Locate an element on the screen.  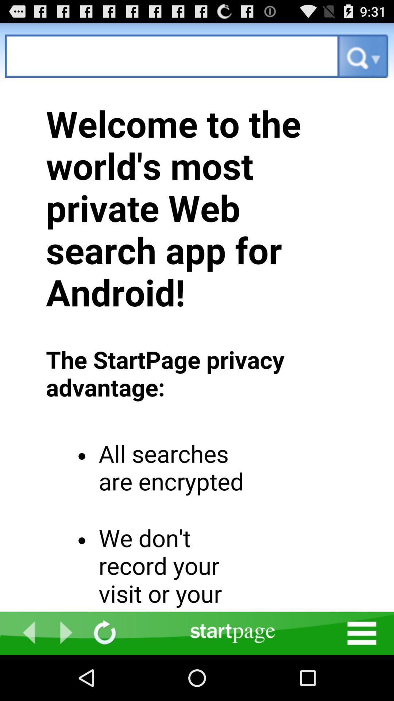
search is located at coordinates (172, 55).